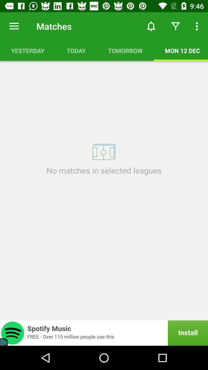  I want to click on open advertisement, so click(104, 333).